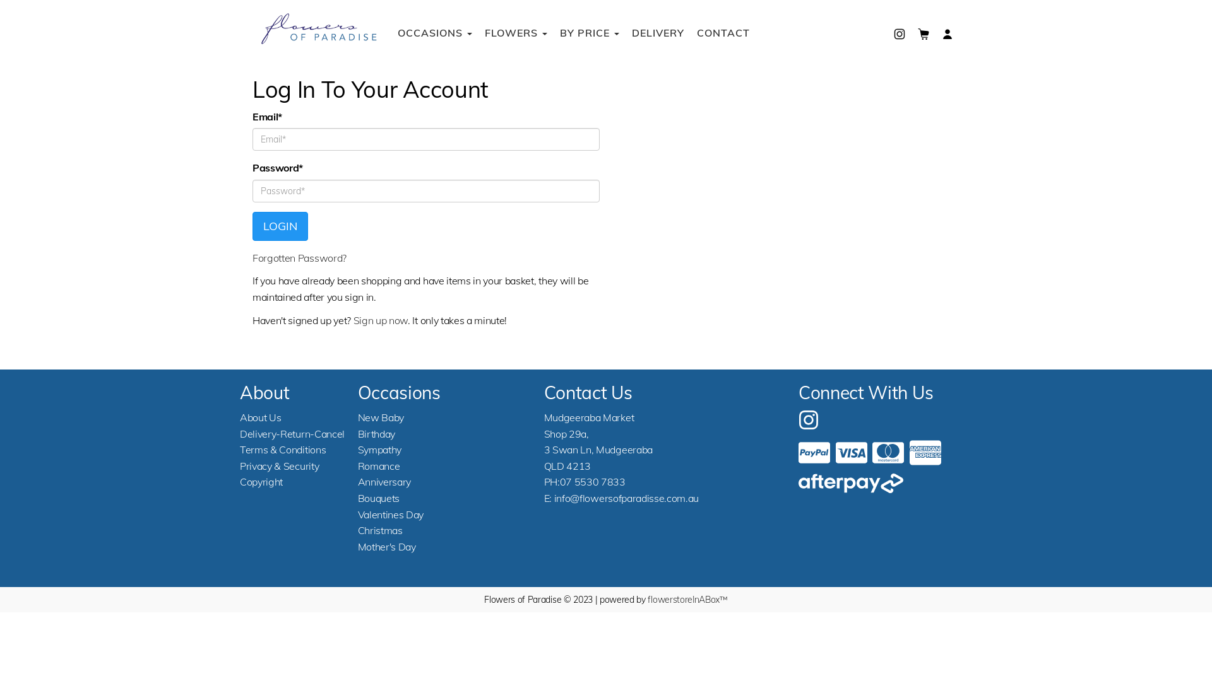  Describe the element at coordinates (299, 257) in the screenshot. I see `'Forgotten Password?'` at that location.